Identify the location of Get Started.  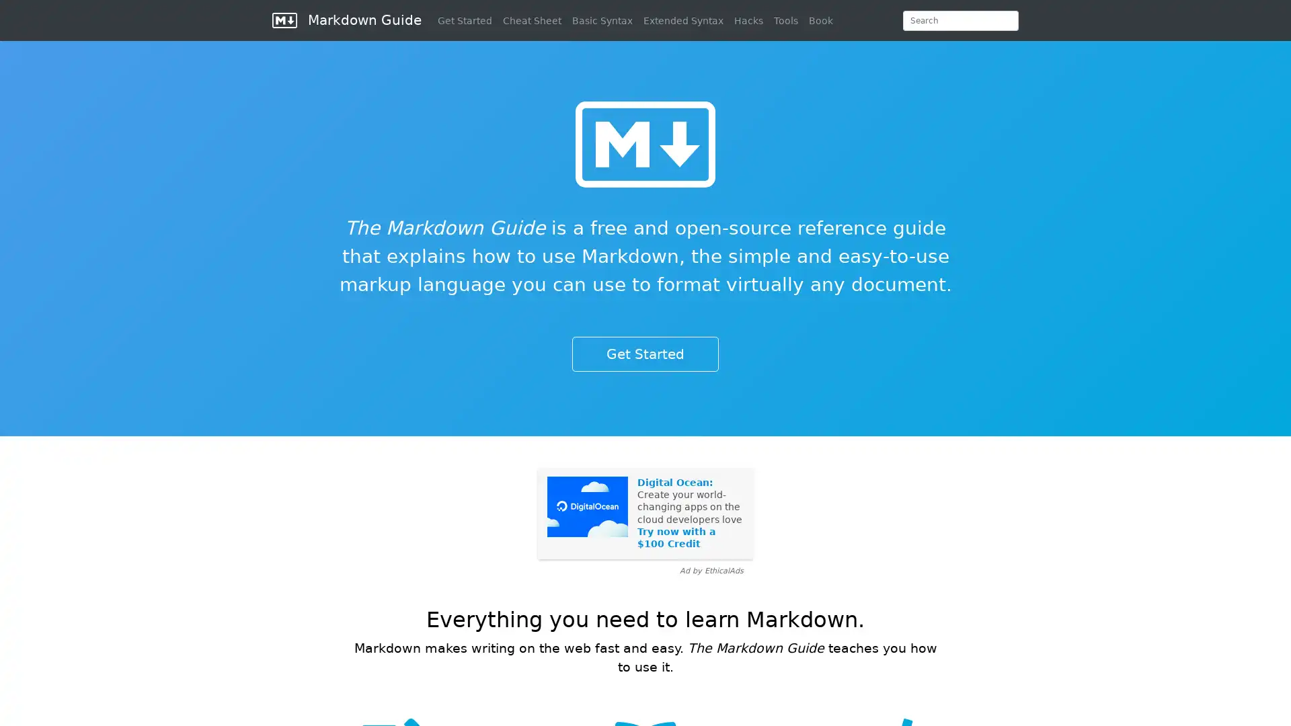
(645, 354).